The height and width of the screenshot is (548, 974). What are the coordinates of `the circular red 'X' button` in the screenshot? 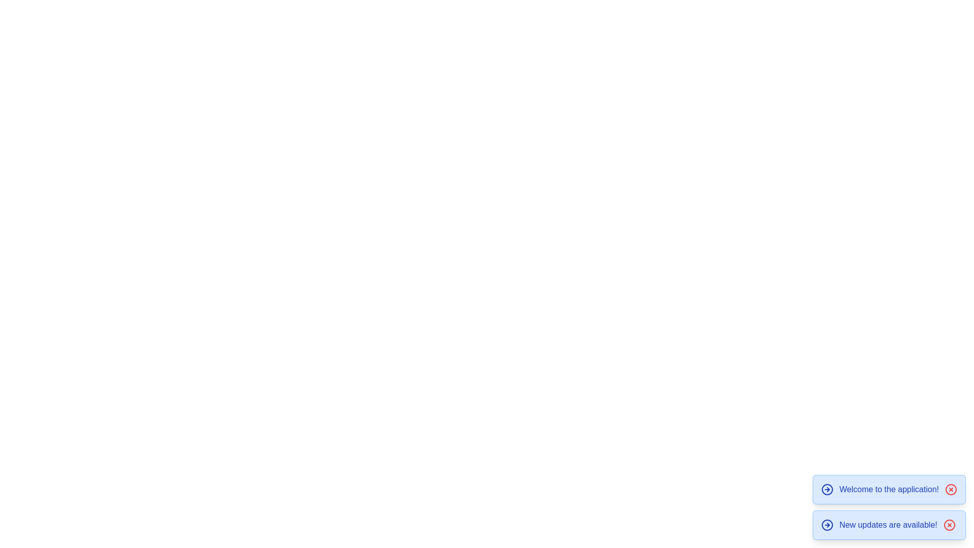 It's located at (949, 525).